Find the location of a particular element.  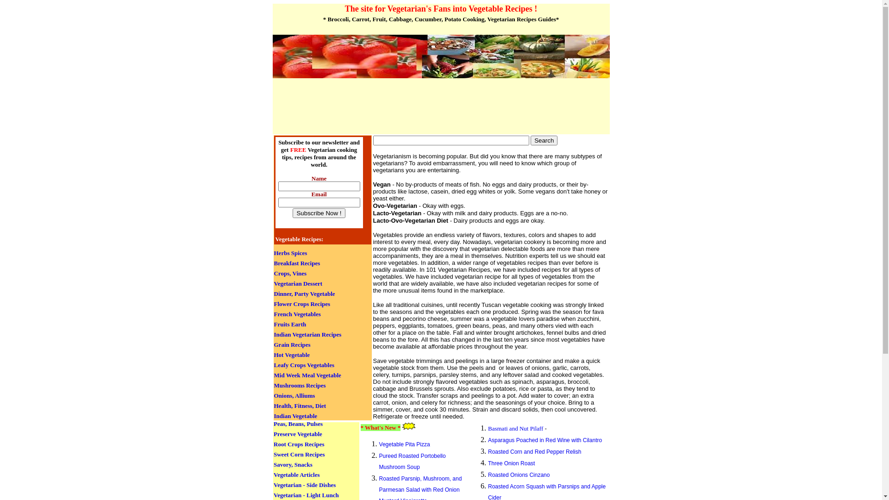

'Dinner, Party Vegetable' is located at coordinates (304, 294).